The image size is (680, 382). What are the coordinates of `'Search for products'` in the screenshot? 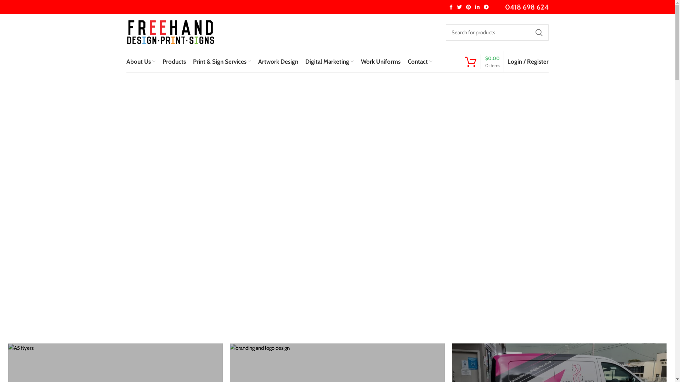 It's located at (496, 33).